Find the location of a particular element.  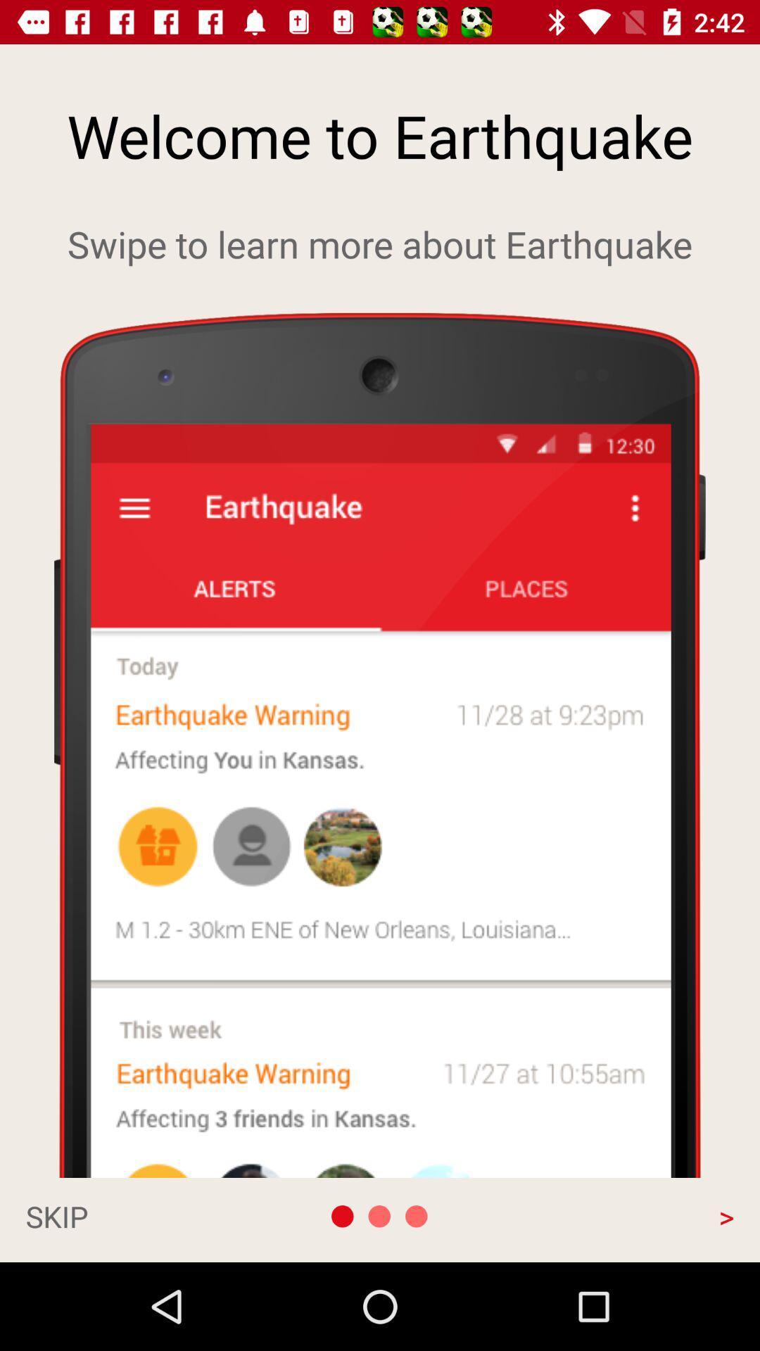

the skip at the bottom left corner is located at coordinates (131, 1215).